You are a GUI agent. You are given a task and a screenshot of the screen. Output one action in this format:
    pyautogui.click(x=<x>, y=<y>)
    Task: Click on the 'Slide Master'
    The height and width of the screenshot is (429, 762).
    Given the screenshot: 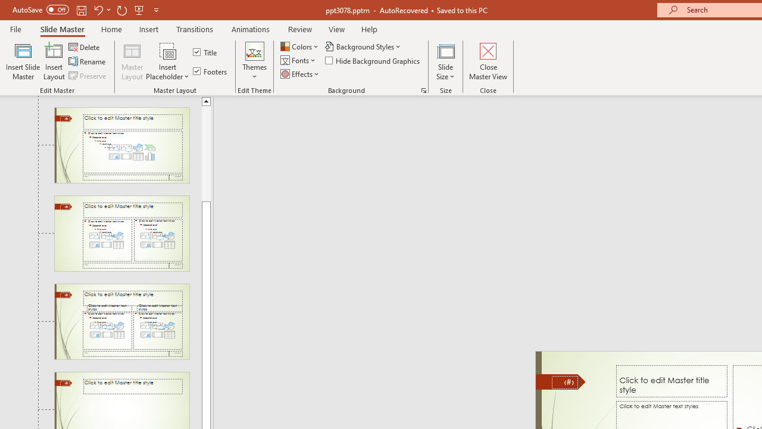 What is the action you would take?
    pyautogui.click(x=61, y=29)
    